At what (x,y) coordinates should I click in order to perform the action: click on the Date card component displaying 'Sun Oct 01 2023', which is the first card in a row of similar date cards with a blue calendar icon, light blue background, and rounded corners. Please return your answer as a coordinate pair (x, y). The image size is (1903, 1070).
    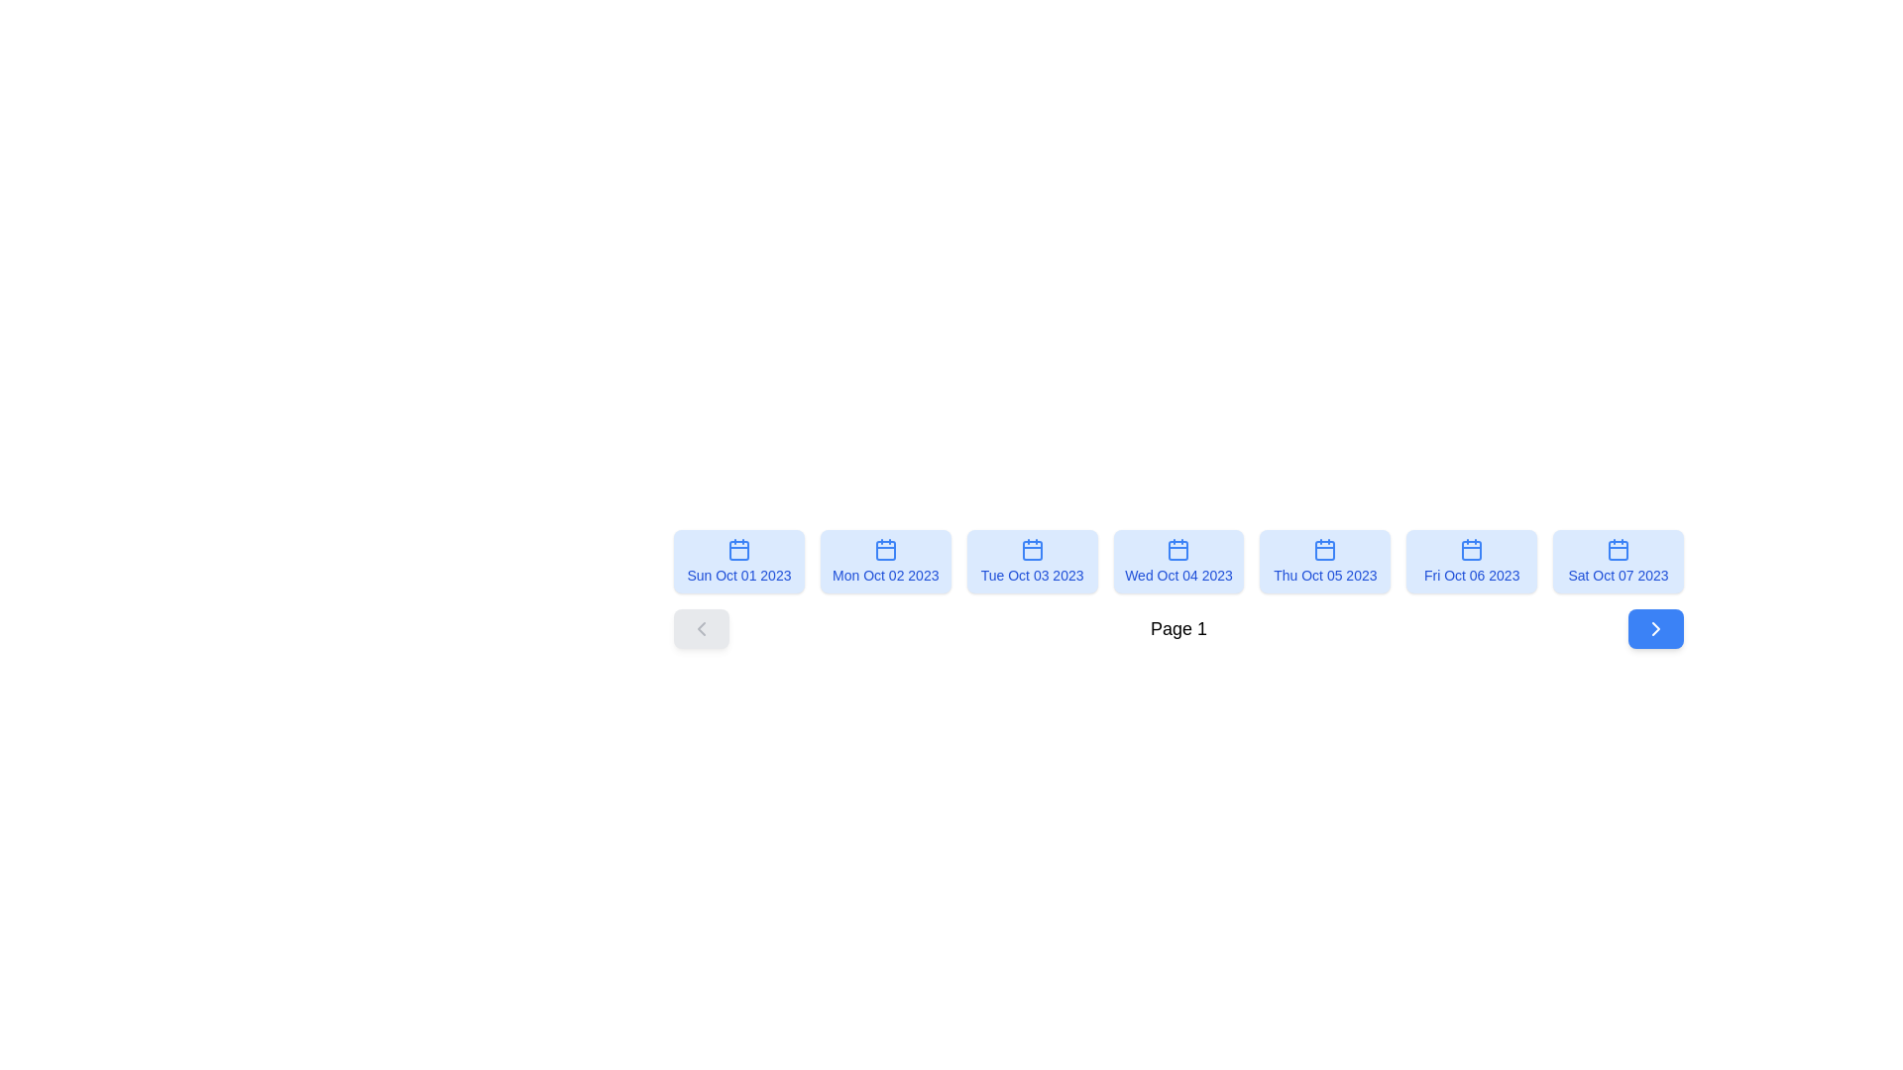
    Looking at the image, I should click on (737, 562).